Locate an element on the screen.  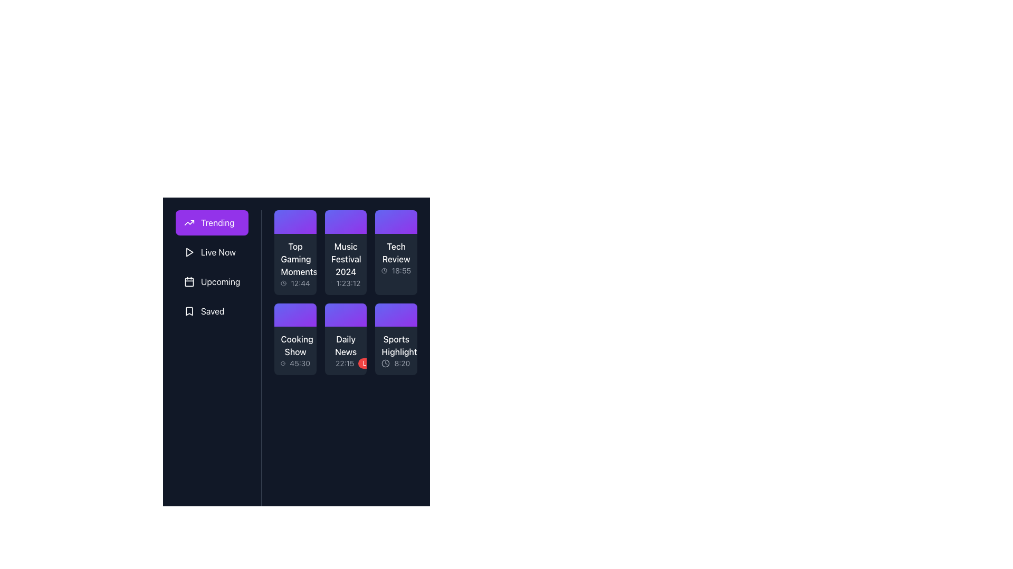
the decorative background element of the 'Tech Review' card located in the third column of the top row in a grid layout is located at coordinates (396, 221).